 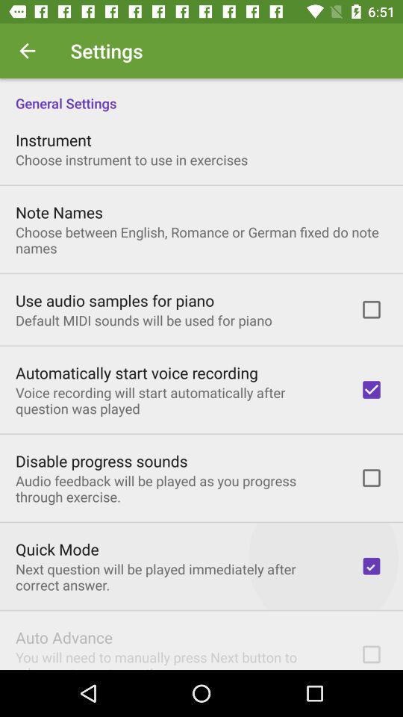 What do you see at coordinates (63, 636) in the screenshot?
I see `auto advance item` at bounding box center [63, 636].